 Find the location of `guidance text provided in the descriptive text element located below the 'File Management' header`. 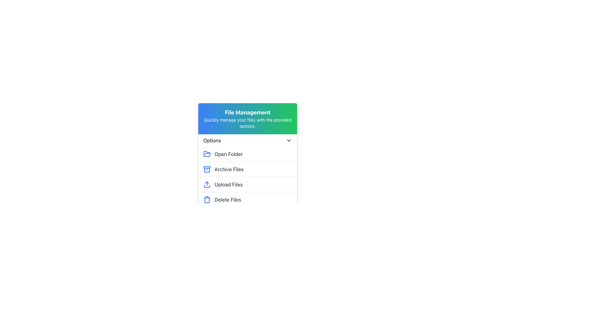

guidance text provided in the descriptive text element located below the 'File Management' header is located at coordinates (247, 123).